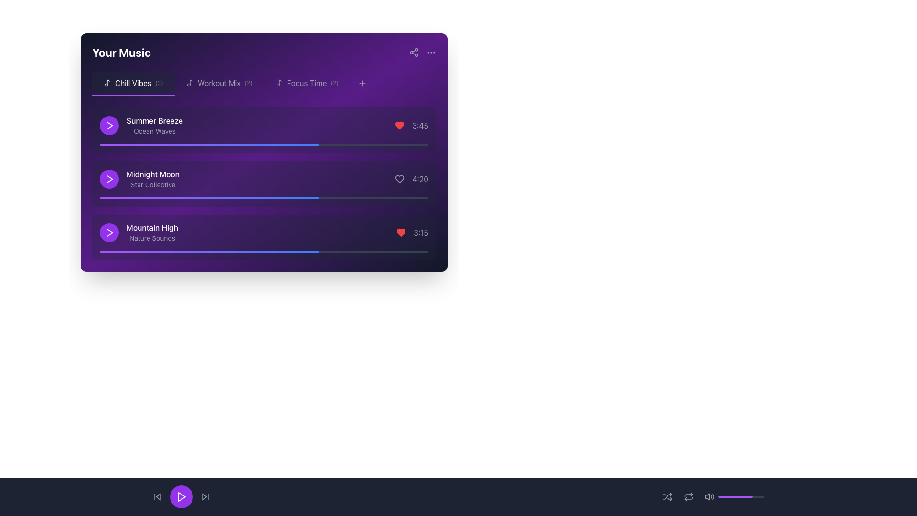 This screenshot has width=917, height=516. Describe the element at coordinates (140, 125) in the screenshot. I see `the title and subtitle label of the first track in the 'Chill Vibes' music playlist, located next to the play button and aligned with the duration label '3:45'` at that location.